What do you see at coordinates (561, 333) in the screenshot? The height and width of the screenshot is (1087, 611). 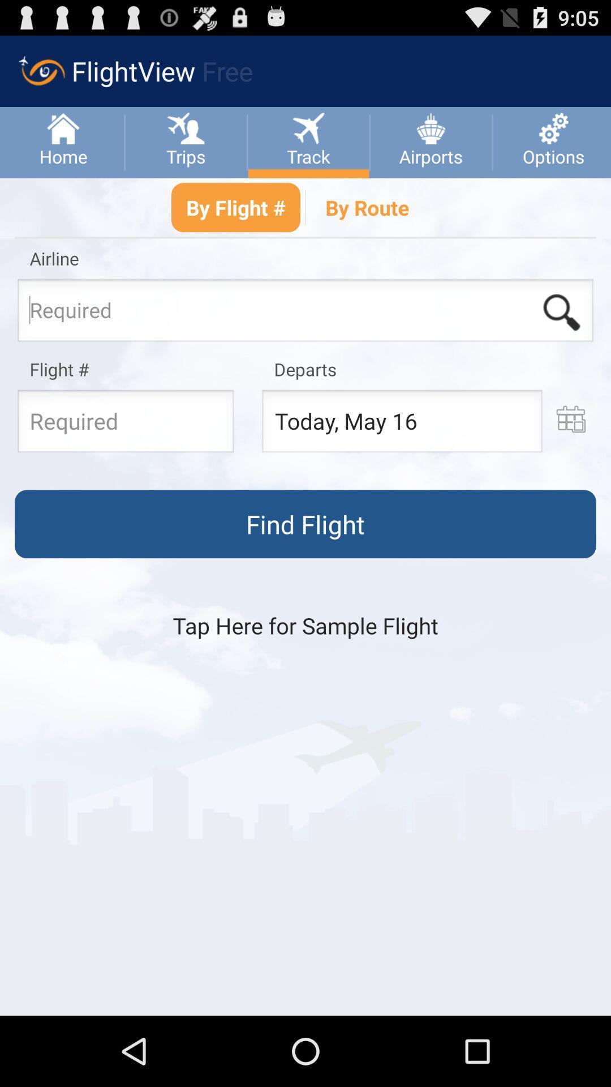 I see `the search icon` at bounding box center [561, 333].